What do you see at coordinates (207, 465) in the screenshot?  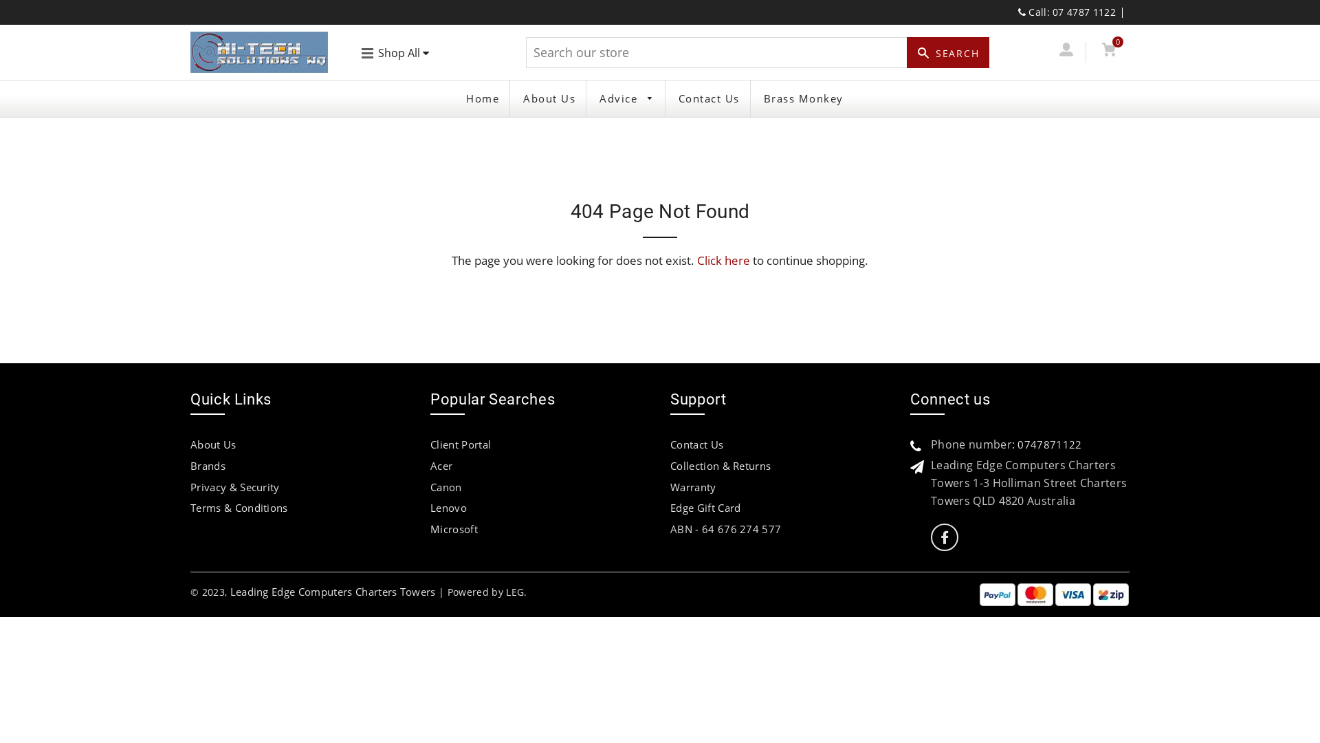 I see `'Brands'` at bounding box center [207, 465].